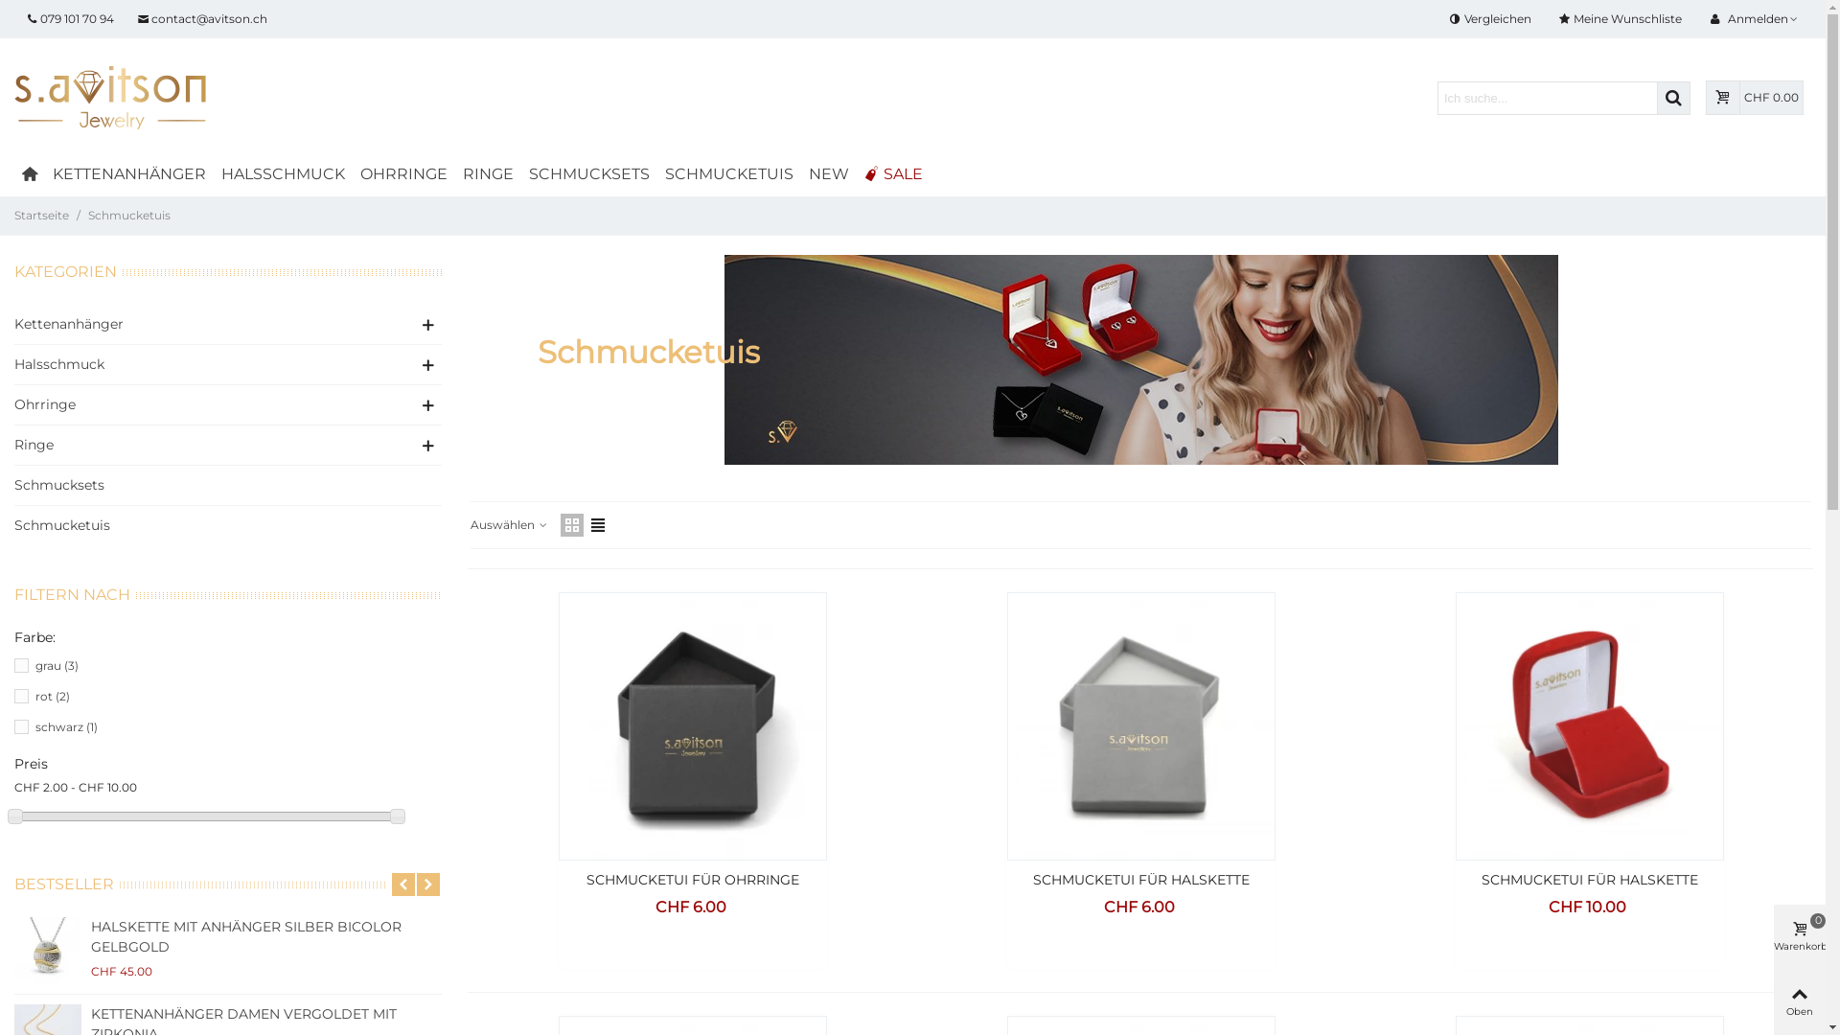 The width and height of the screenshot is (1840, 1035). Describe the element at coordinates (402, 173) in the screenshot. I see `'OHRRINGE'` at that location.